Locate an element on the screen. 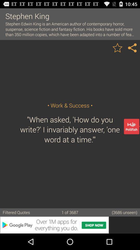 The height and width of the screenshot is (250, 140). the share icon is located at coordinates (132, 51).